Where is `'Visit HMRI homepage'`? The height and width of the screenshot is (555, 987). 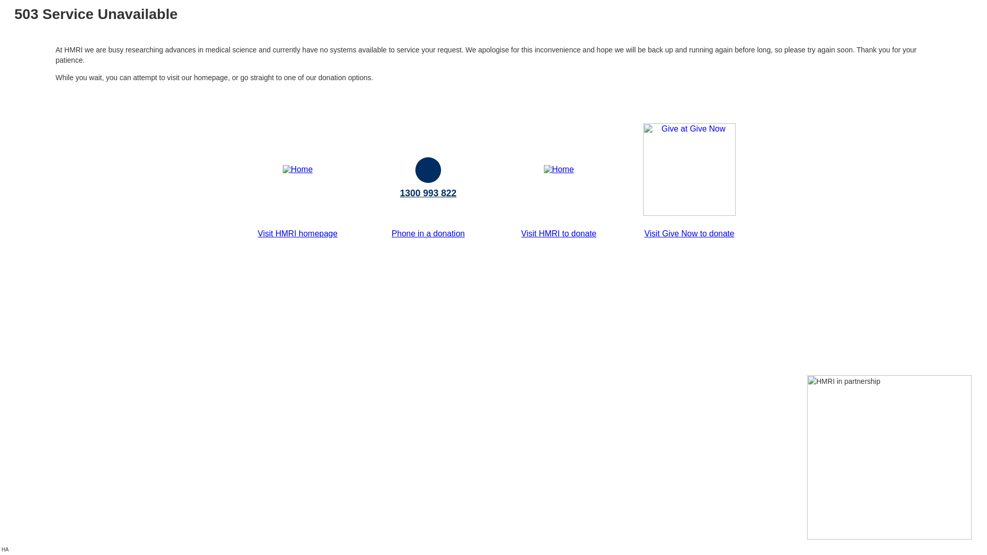
'Visit HMRI homepage' is located at coordinates (297, 233).